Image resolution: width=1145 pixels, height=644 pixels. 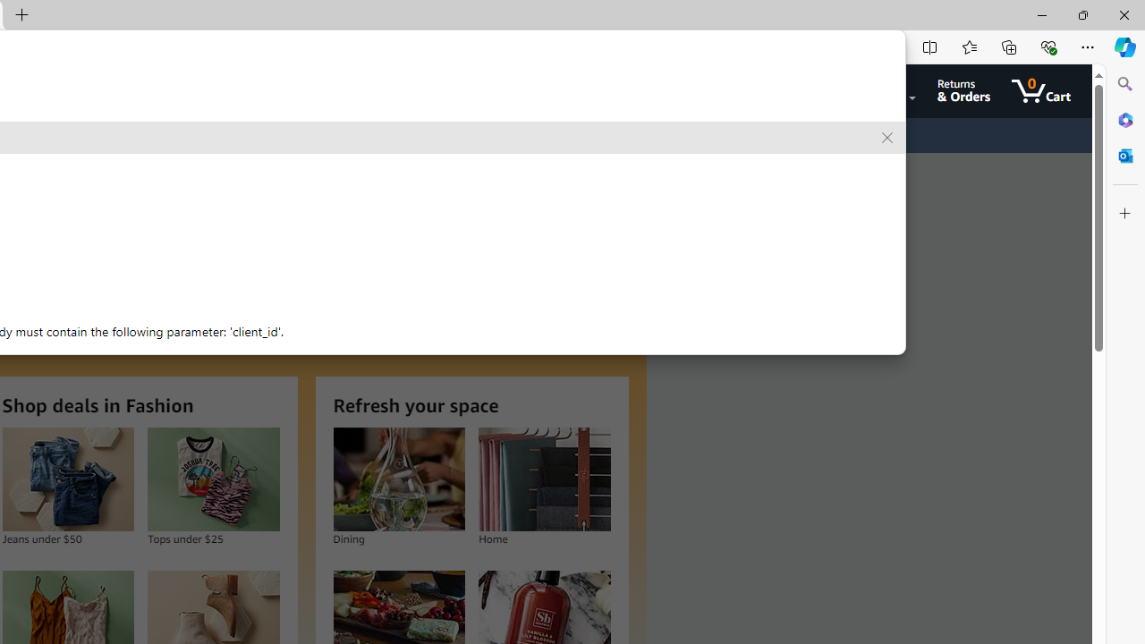 I want to click on 'Dining', so click(x=398, y=479).